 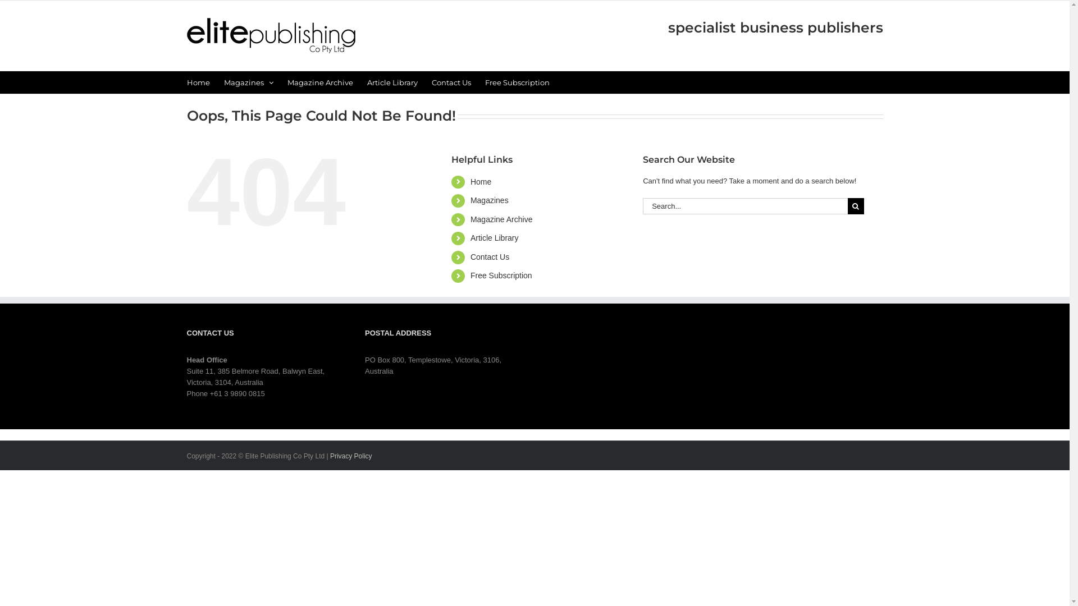 I want to click on 'Article Library', so click(x=471, y=237).